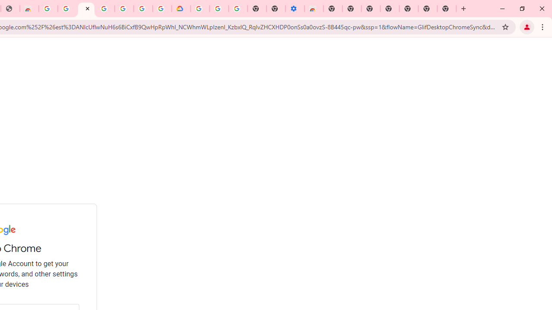  What do you see at coordinates (219, 9) in the screenshot?
I see `'Google Account Help'` at bounding box center [219, 9].